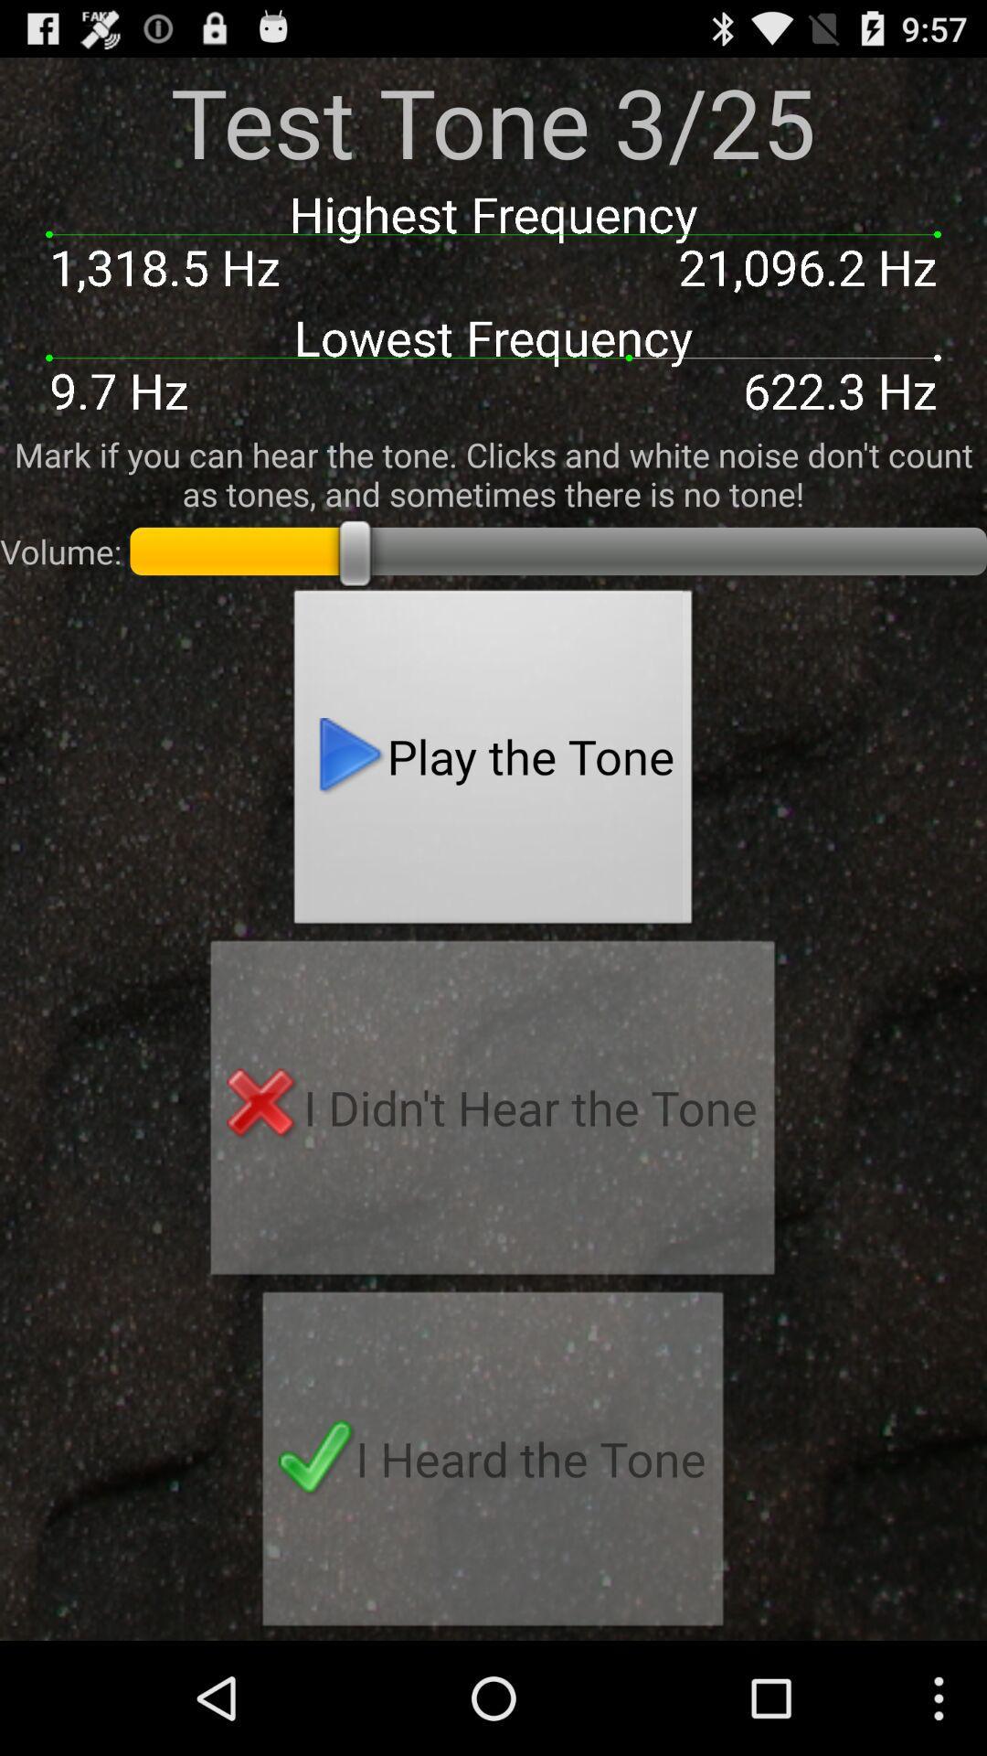 The image size is (987, 1756). What do you see at coordinates (492, 1112) in the screenshot?
I see `the icon above i heard the icon` at bounding box center [492, 1112].